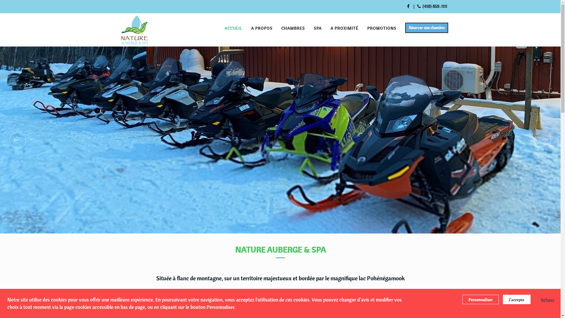  I want to click on 'Personnaliser', so click(480, 299).